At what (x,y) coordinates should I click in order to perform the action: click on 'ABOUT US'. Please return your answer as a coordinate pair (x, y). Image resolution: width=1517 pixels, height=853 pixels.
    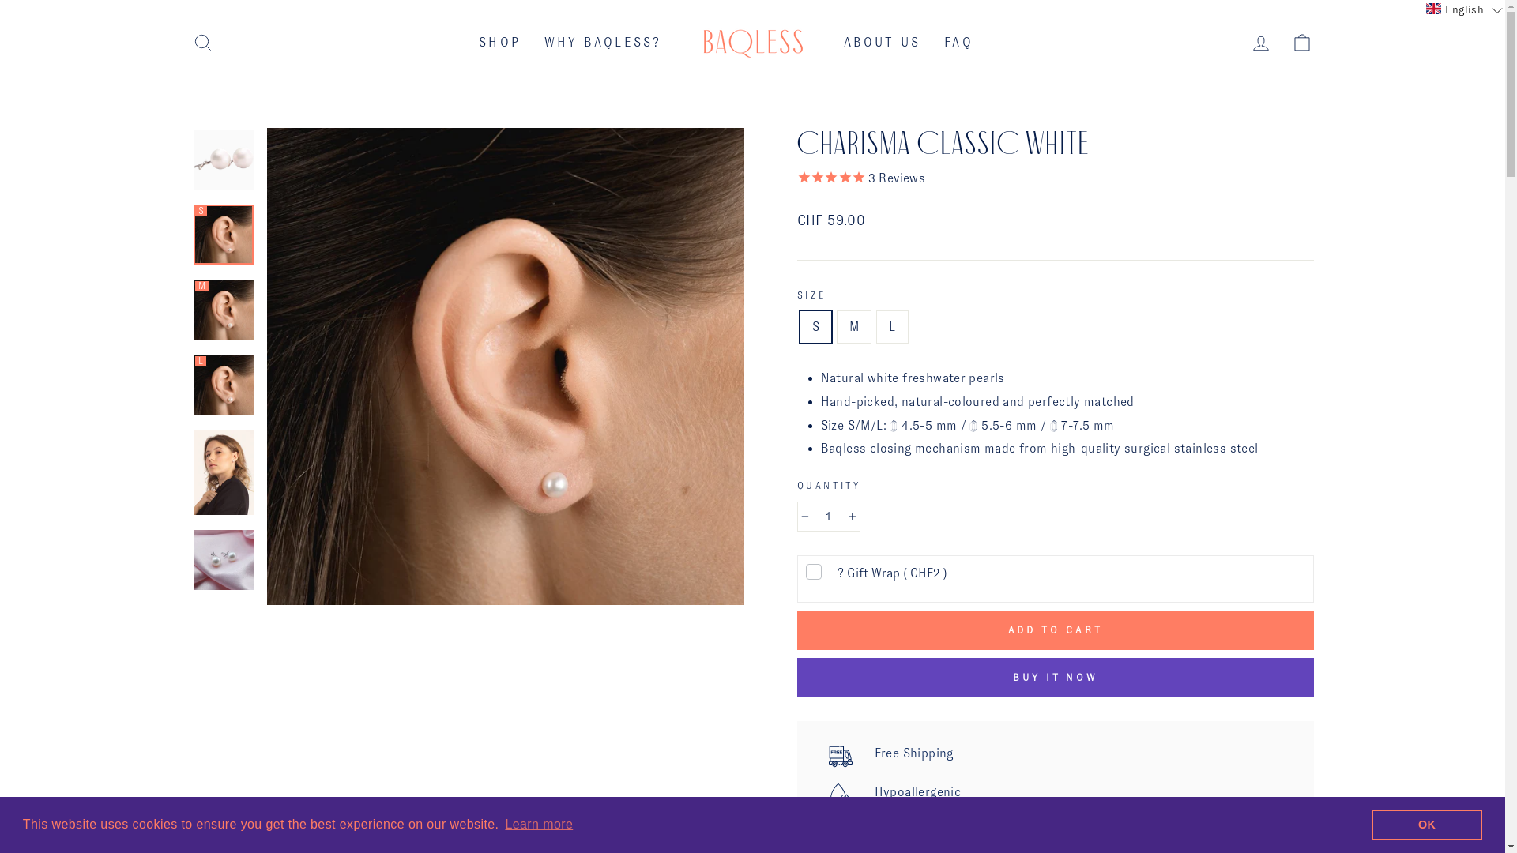
    Looking at the image, I should click on (881, 41).